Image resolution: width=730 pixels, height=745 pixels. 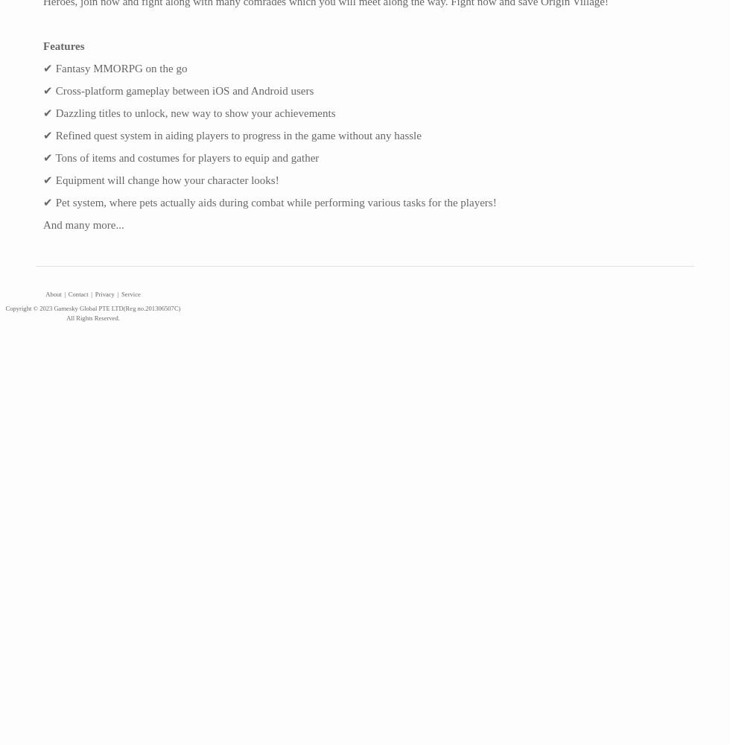 What do you see at coordinates (237, 136) in the screenshot?
I see `'Refined quest system in aiding players to progress in the game without any hassle'` at bounding box center [237, 136].